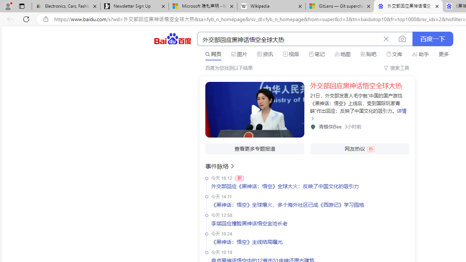  What do you see at coordinates (288, 39) in the screenshot?
I see `'AutomationID: kw'` at bounding box center [288, 39].